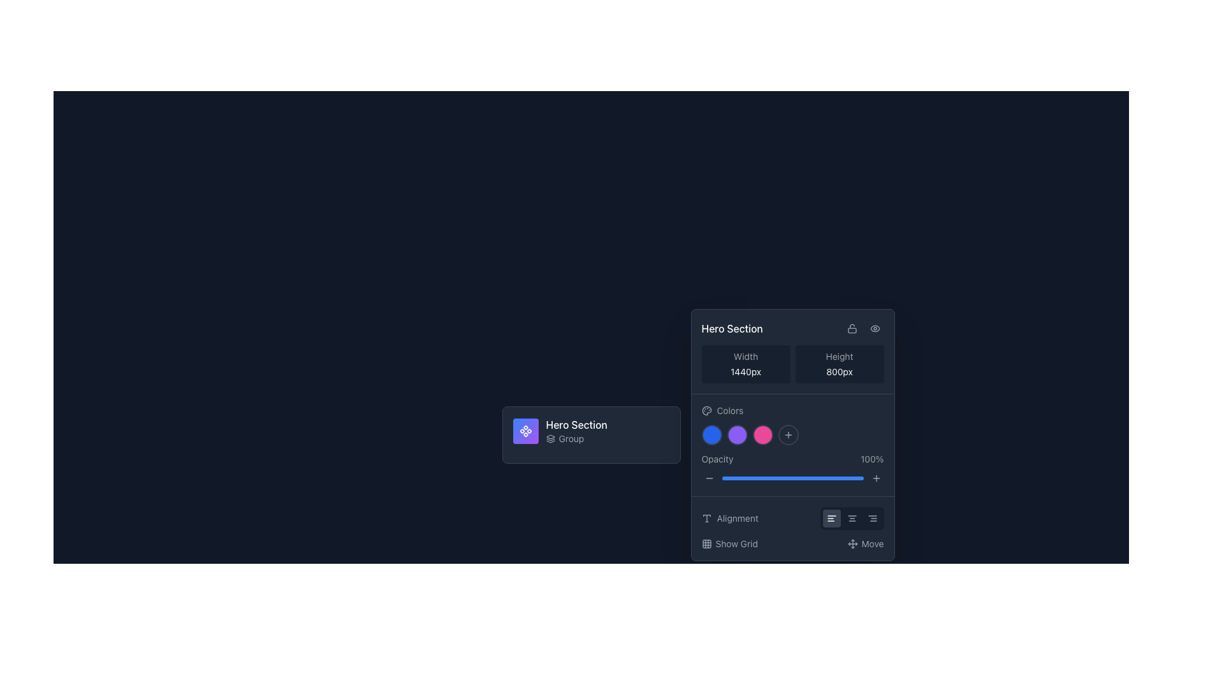 The image size is (1224, 688). What do you see at coordinates (706, 543) in the screenshot?
I see `the grid icon within the 'Show Grid' button located at the bottom right section of the panel` at bounding box center [706, 543].